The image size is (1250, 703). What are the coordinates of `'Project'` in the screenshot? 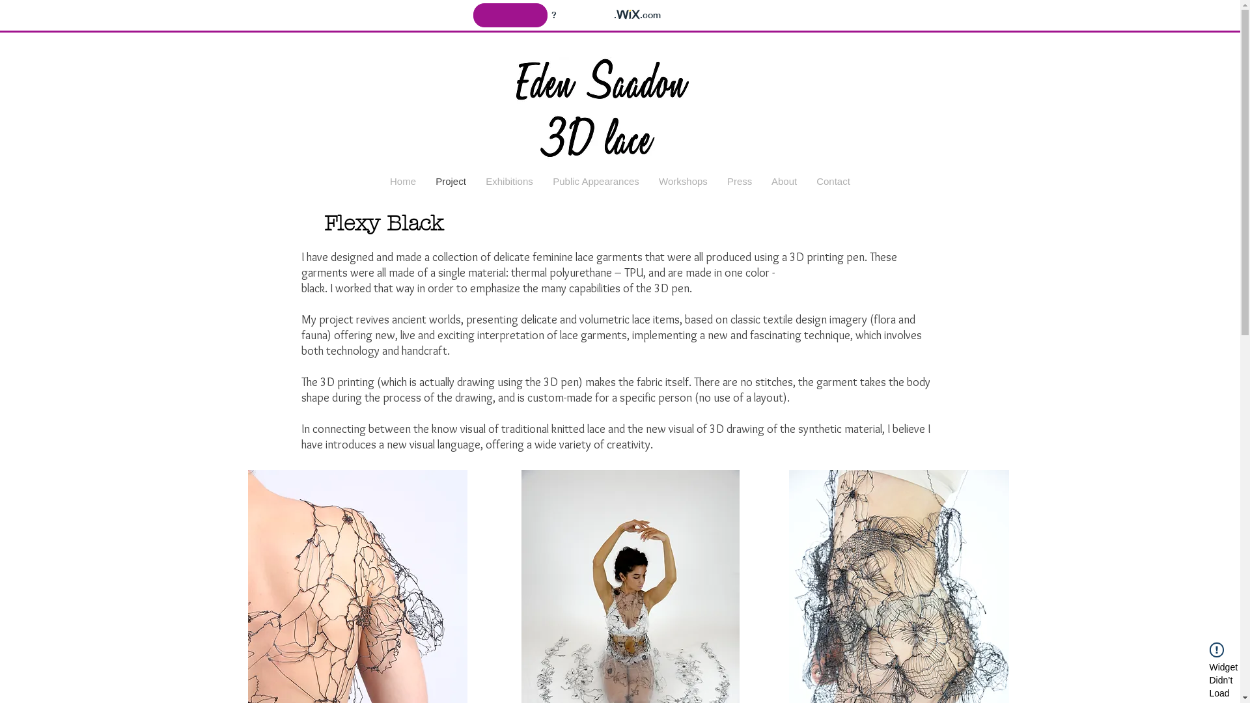 It's located at (451, 181).